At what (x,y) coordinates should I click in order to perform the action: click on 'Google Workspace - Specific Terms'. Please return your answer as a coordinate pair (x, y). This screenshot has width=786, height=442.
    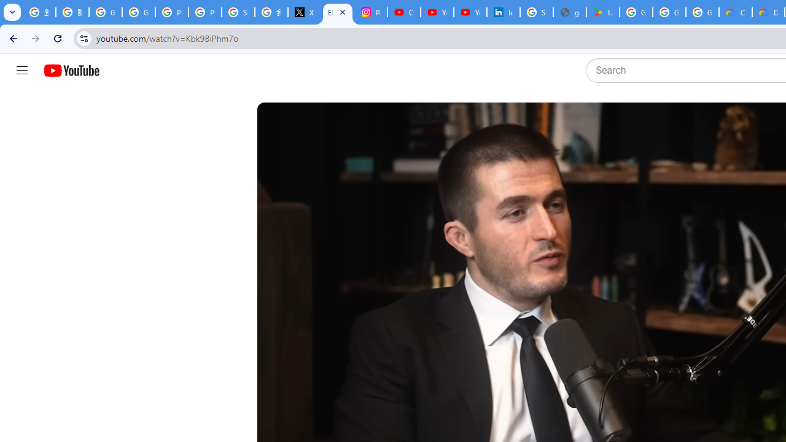
    Looking at the image, I should click on (668, 12).